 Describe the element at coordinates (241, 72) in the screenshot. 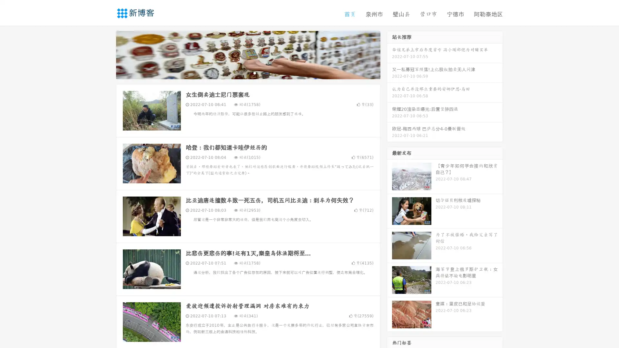

I see `Go to slide 1` at that location.